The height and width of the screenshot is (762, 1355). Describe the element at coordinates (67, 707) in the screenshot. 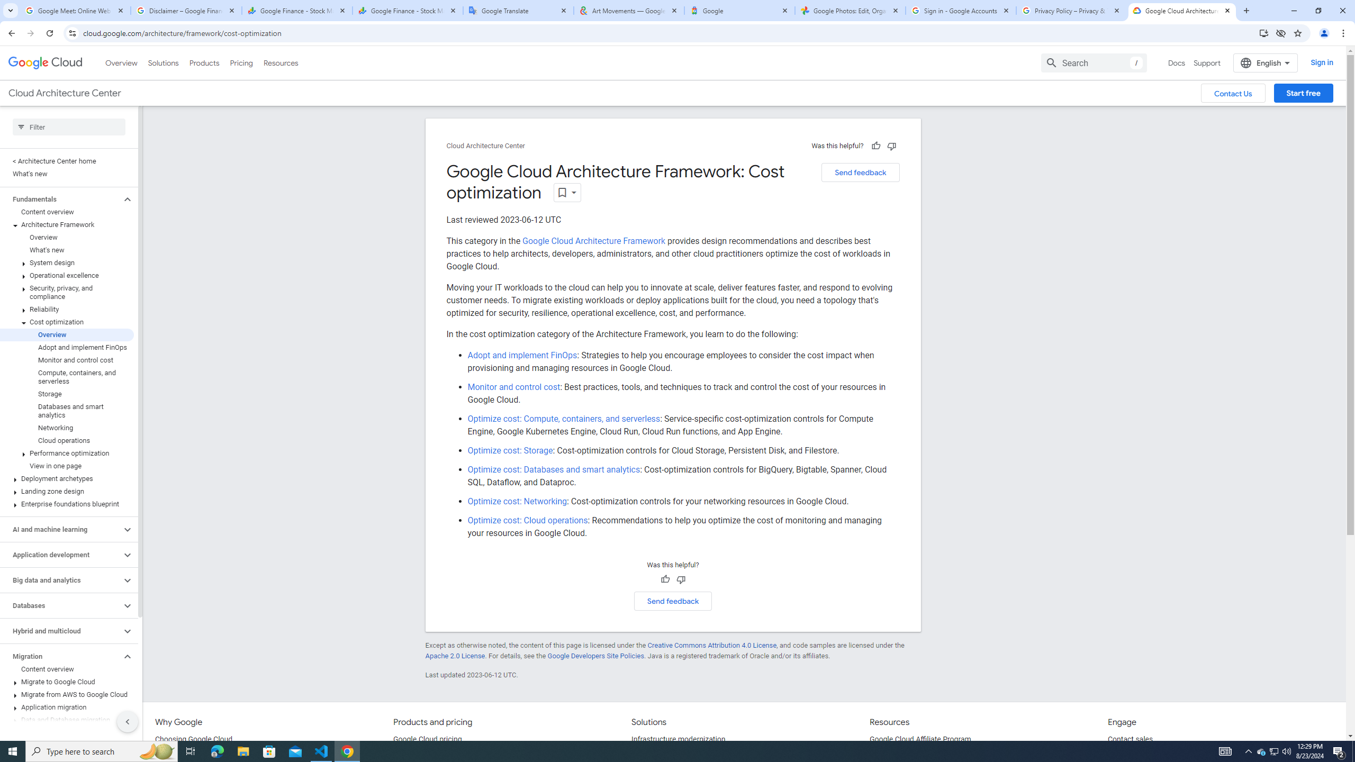

I see `'Application migration'` at that location.